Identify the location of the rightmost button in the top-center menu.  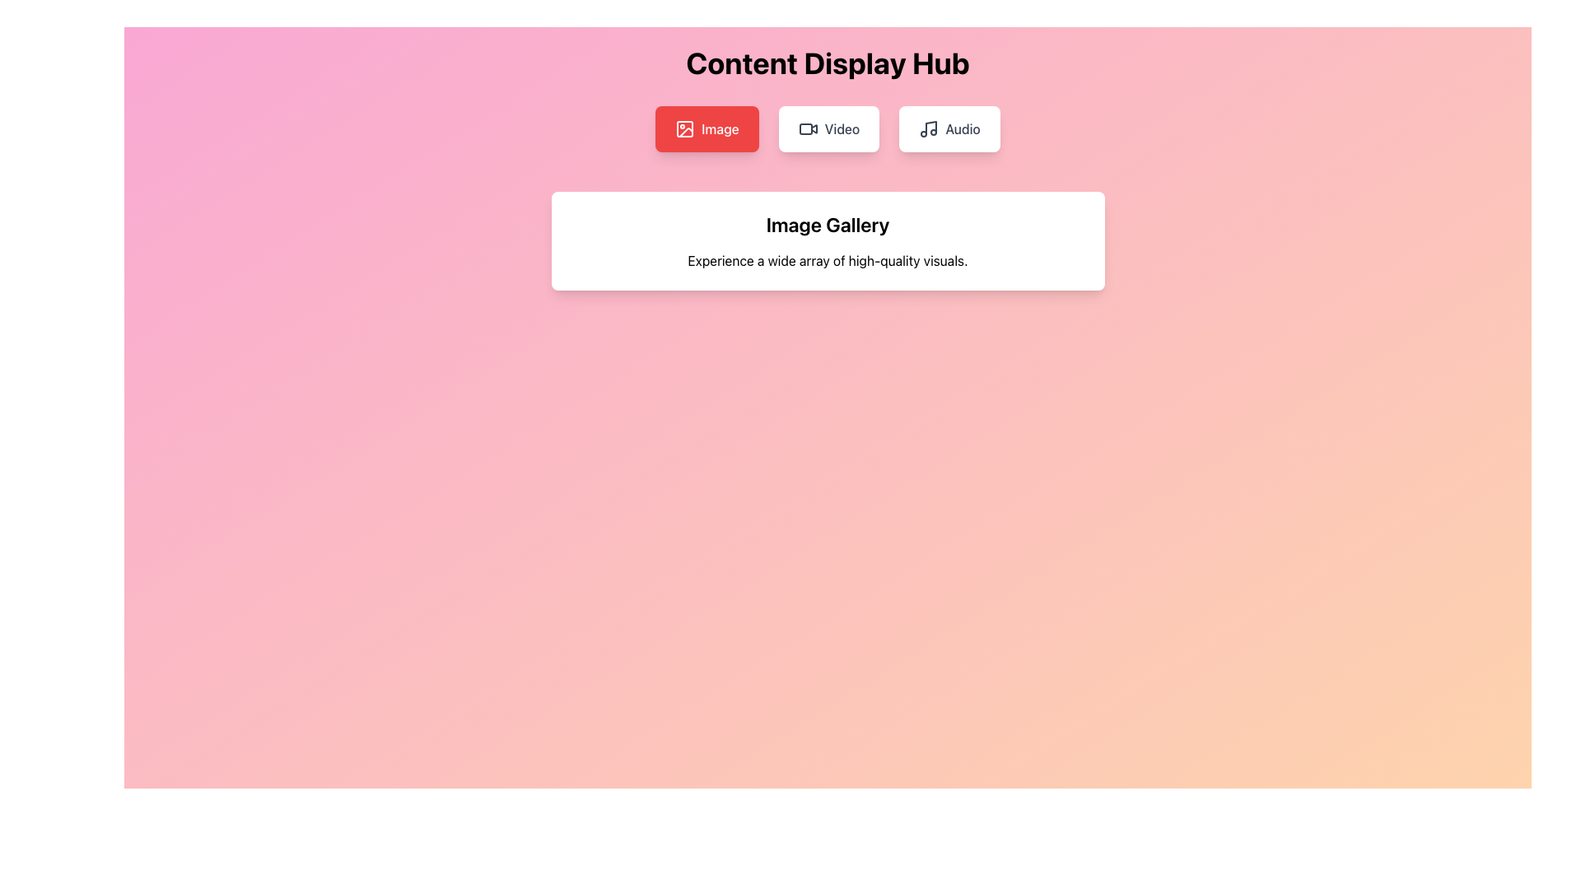
(949, 128).